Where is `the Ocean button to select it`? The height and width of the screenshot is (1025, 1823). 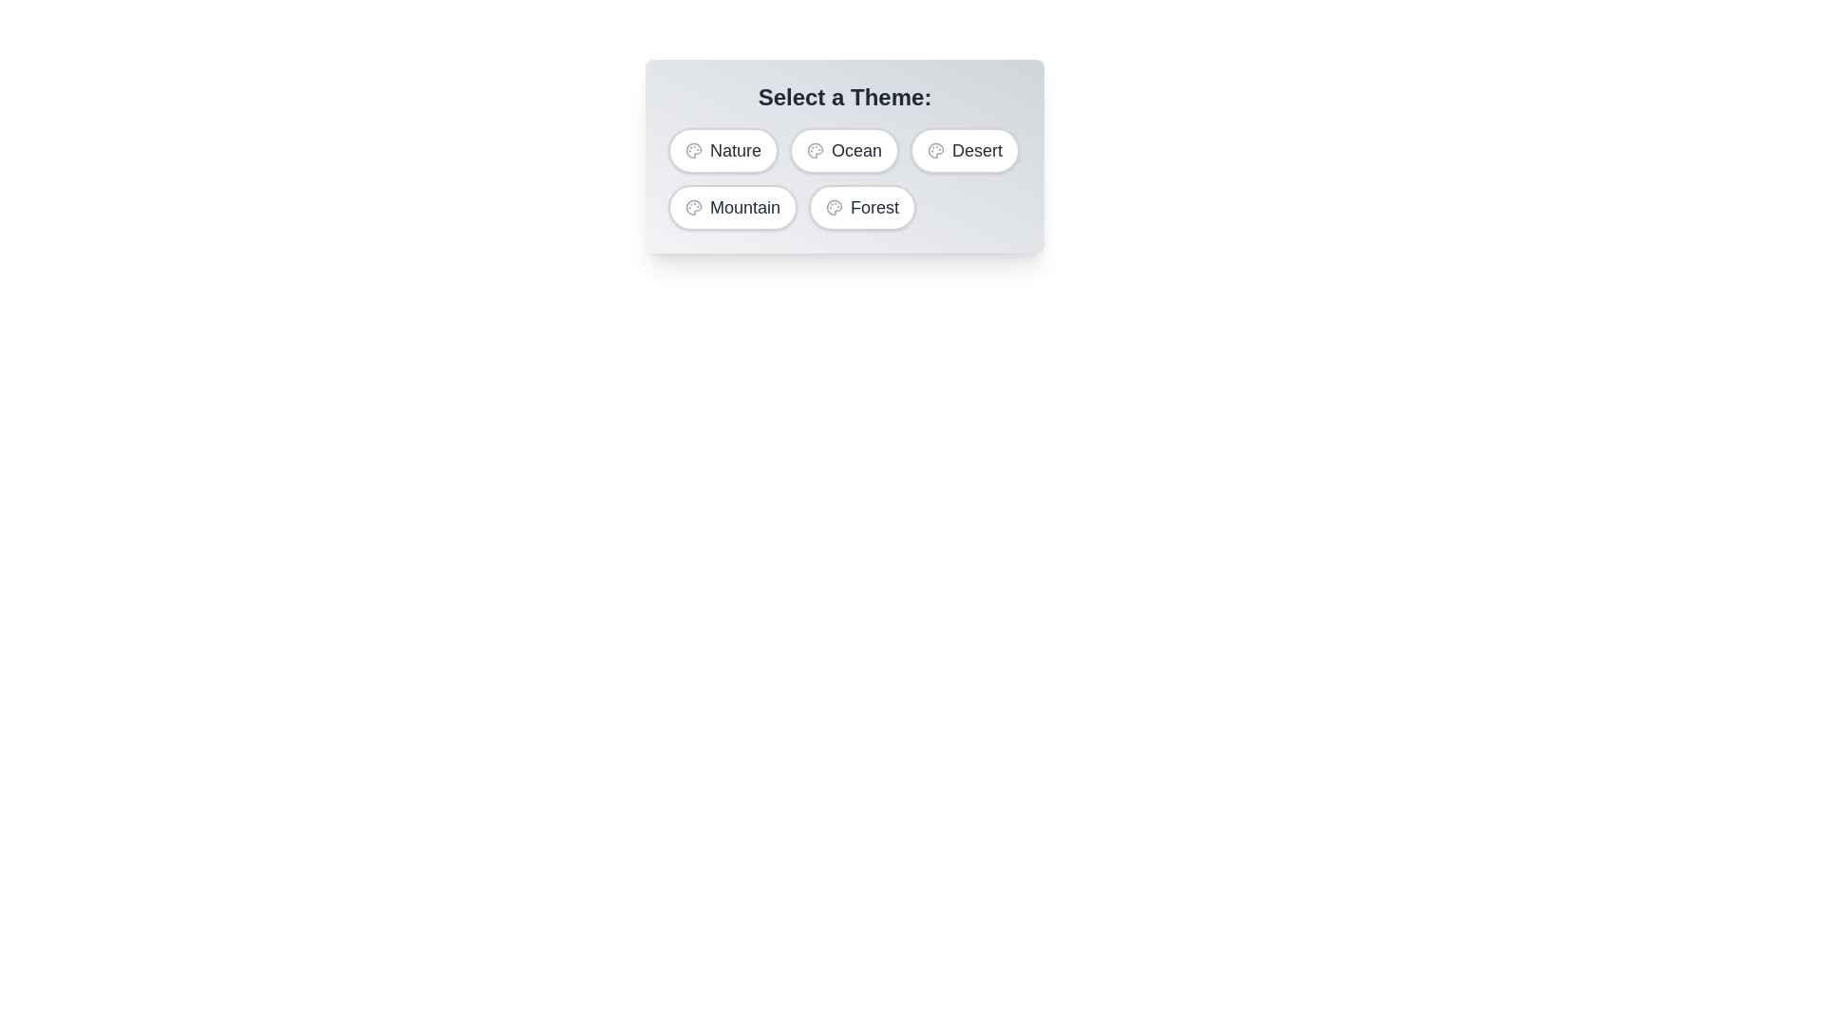 the Ocean button to select it is located at coordinates (842, 149).